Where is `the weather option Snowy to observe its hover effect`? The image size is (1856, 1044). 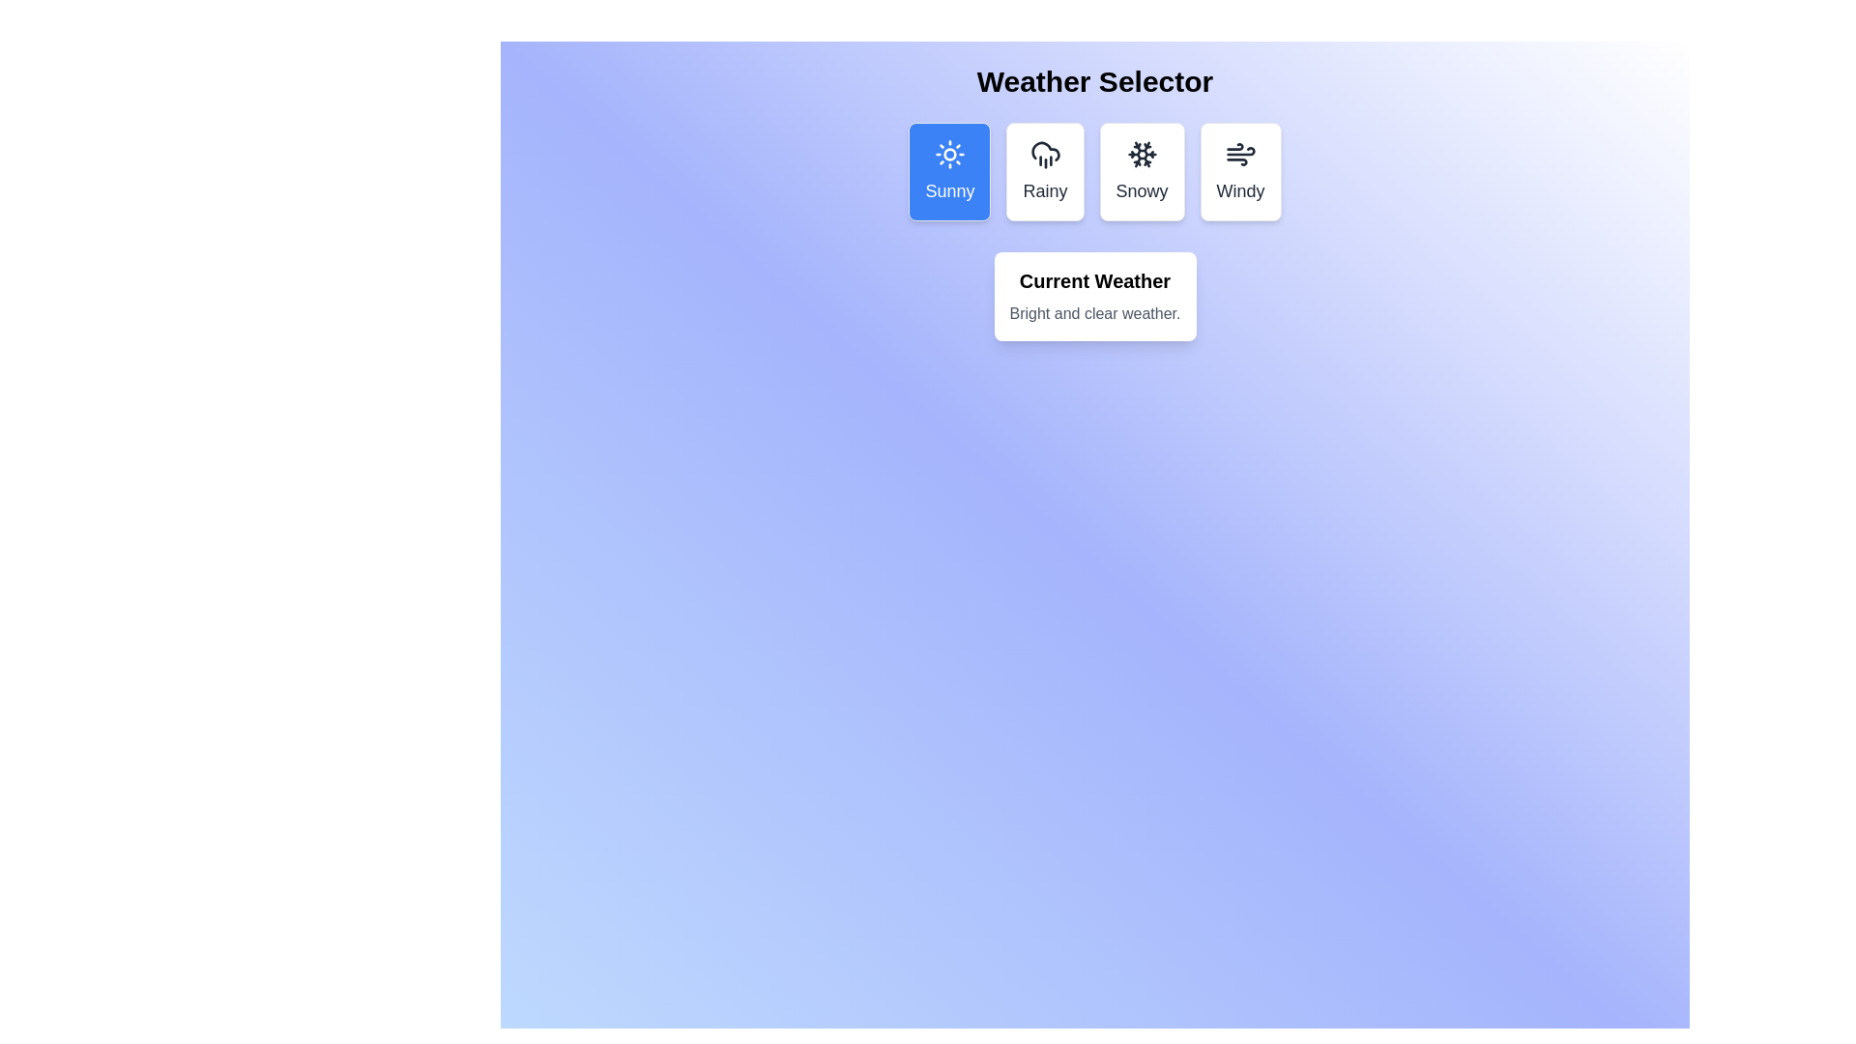
the weather option Snowy to observe its hover effect is located at coordinates (1142, 170).